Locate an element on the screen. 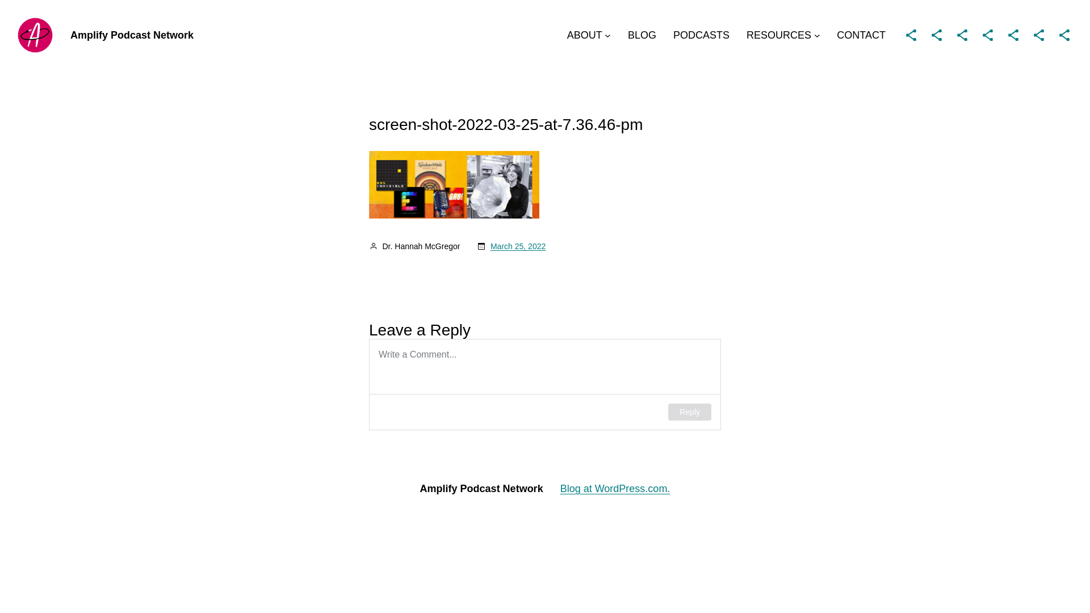 This screenshot has height=613, width=1090. 'Share Icon' is located at coordinates (937, 34).